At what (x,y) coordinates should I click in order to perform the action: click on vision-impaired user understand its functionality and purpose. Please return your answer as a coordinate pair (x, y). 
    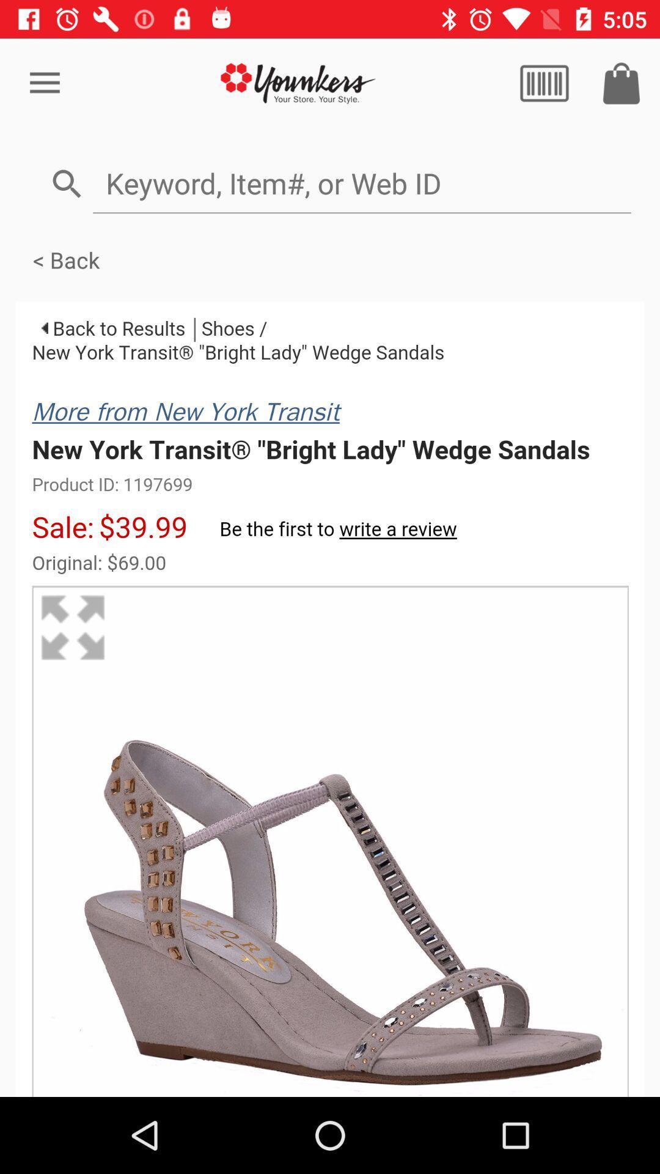
    Looking at the image, I should click on (544, 83).